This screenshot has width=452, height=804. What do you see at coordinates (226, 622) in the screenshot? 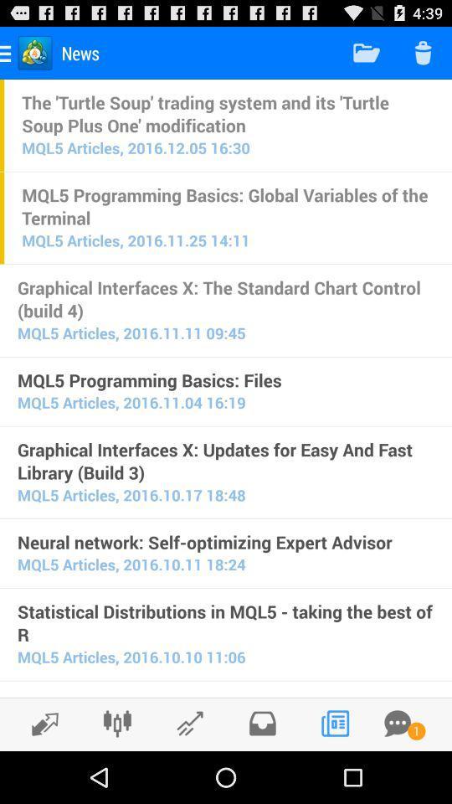
I see `item above mql5 articles 2016` at bounding box center [226, 622].